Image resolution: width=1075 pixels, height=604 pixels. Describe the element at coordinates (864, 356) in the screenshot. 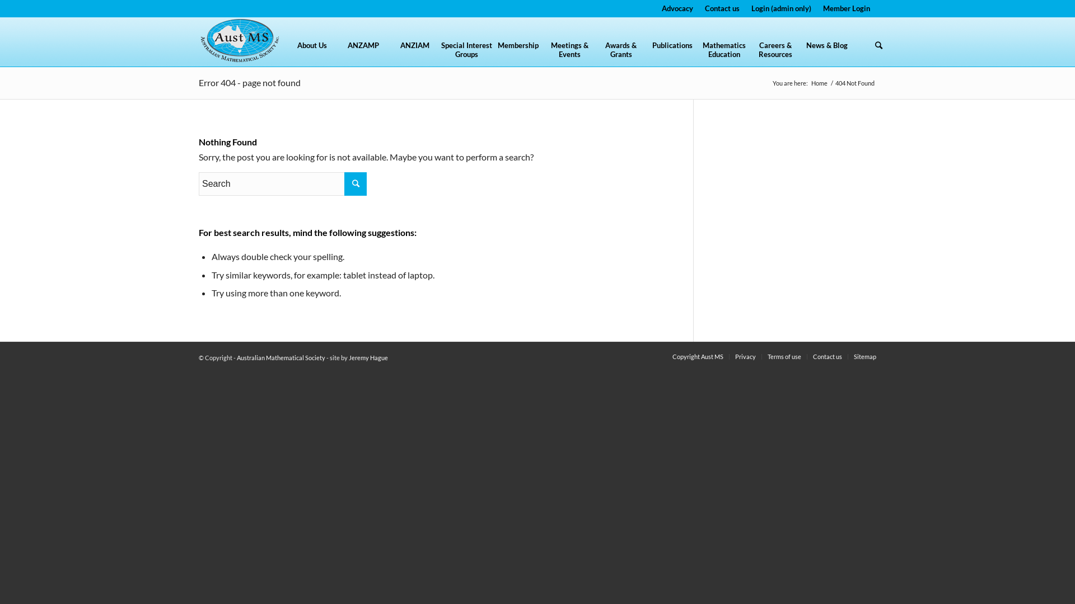

I see `'Sitemap'` at that location.